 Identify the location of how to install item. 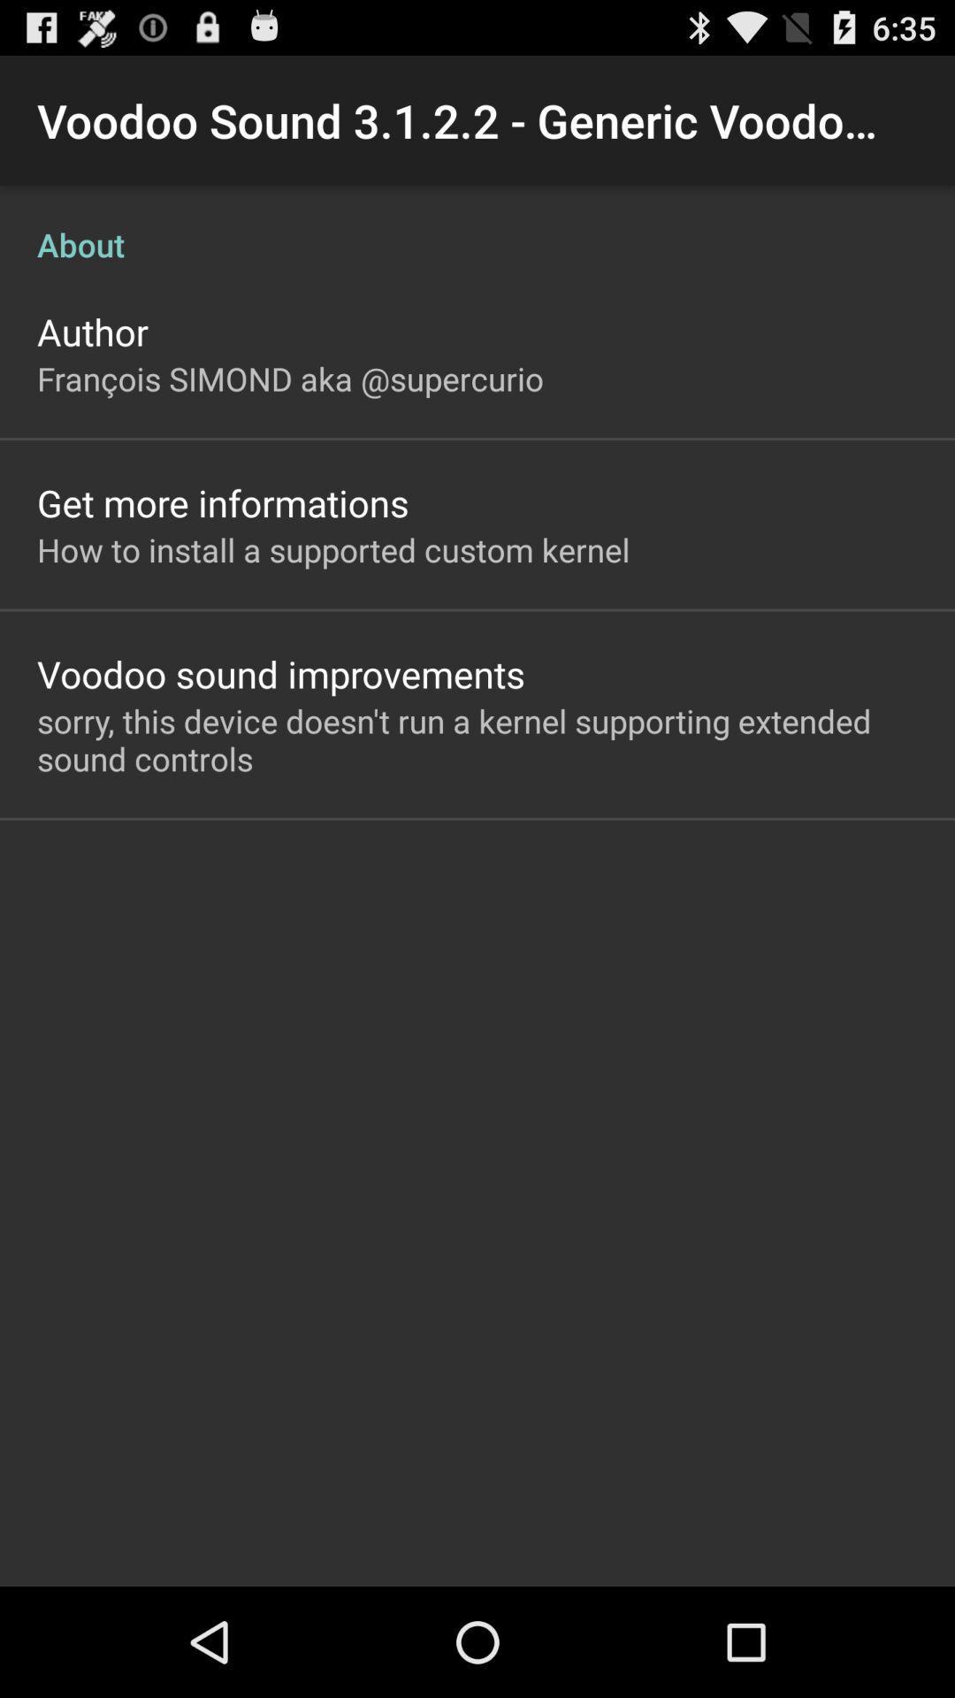
(333, 548).